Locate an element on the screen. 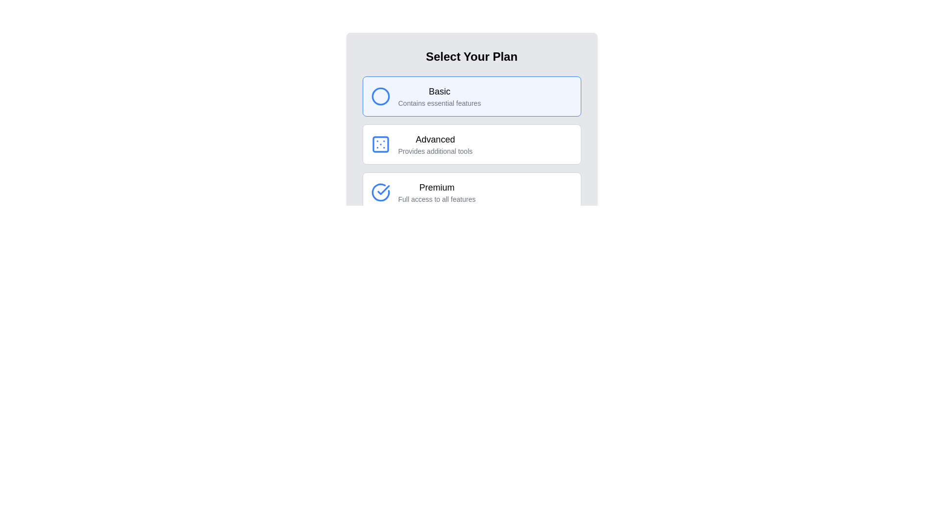 This screenshot has width=941, height=529. the small rectangle within the die icon representing a dice face, located in the second option named 'Advanced' under 'Select Your Plan' is located at coordinates (380, 144).